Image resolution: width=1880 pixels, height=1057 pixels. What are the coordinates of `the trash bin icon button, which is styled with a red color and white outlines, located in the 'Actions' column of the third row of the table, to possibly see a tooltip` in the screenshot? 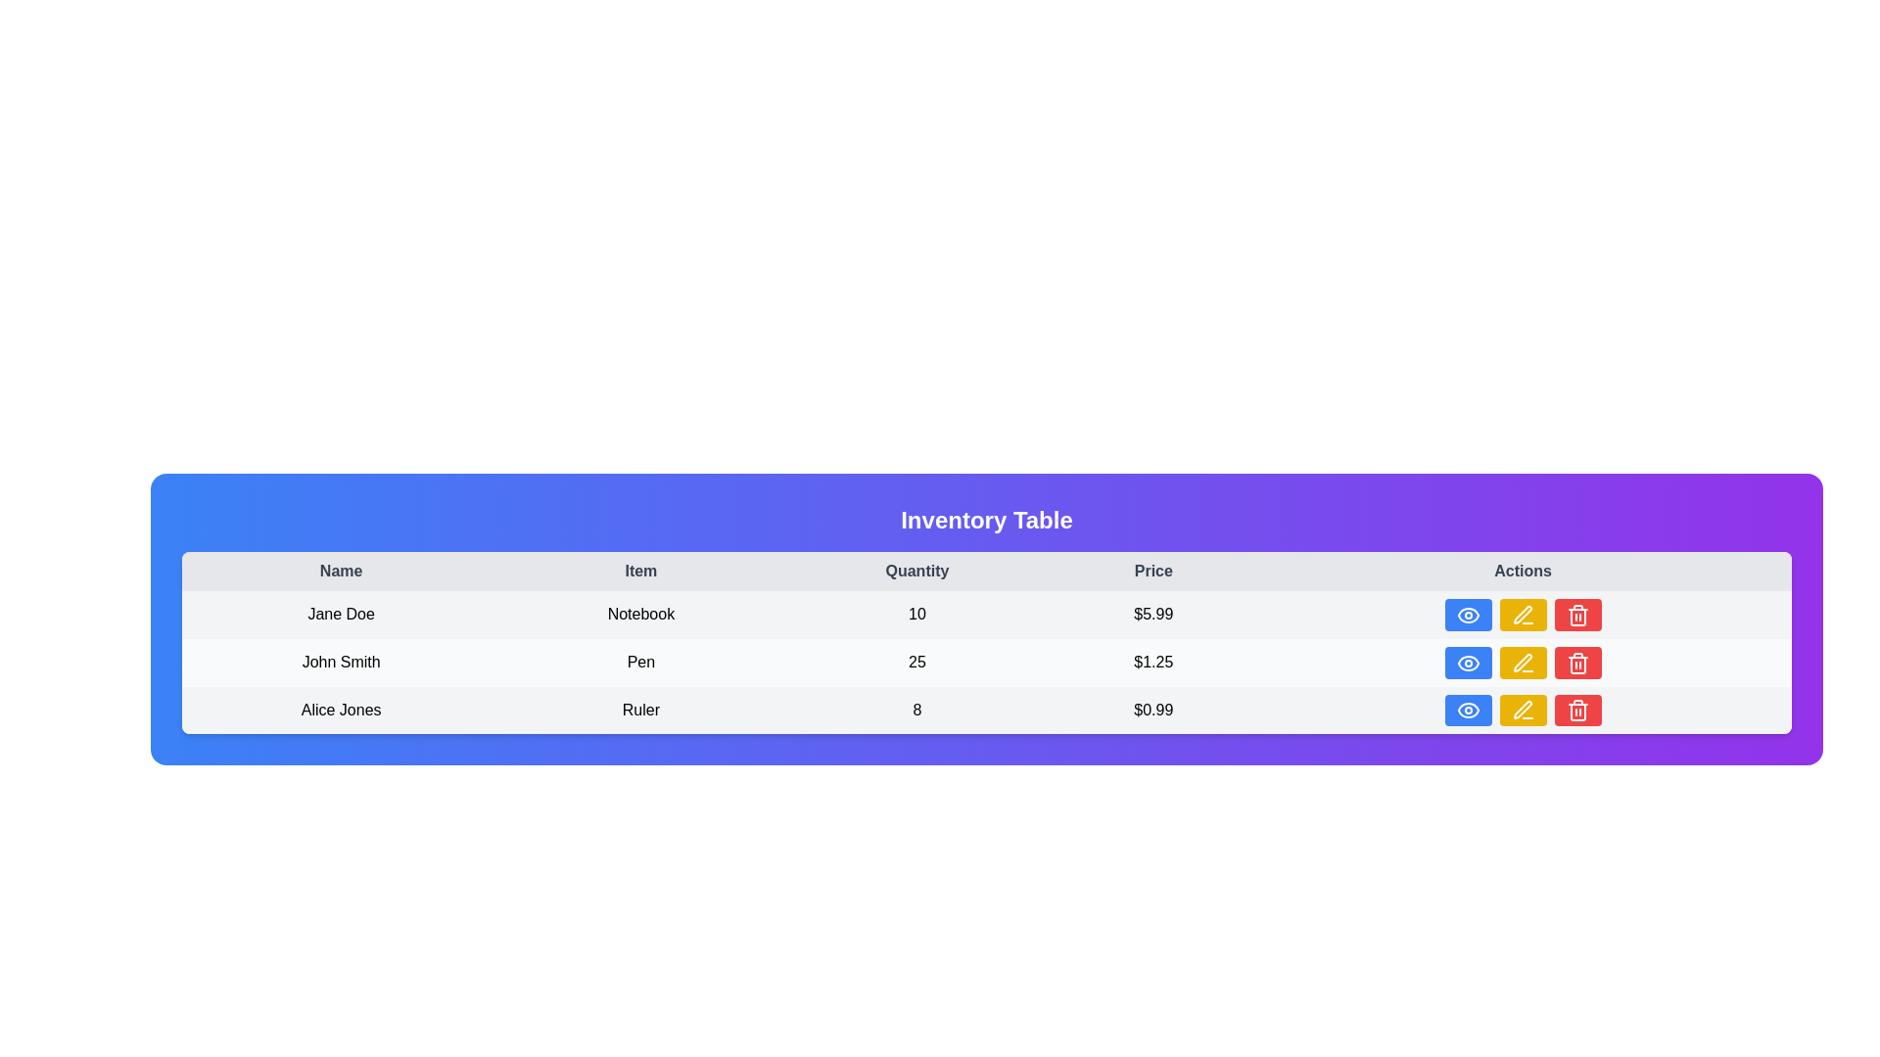 It's located at (1577, 662).